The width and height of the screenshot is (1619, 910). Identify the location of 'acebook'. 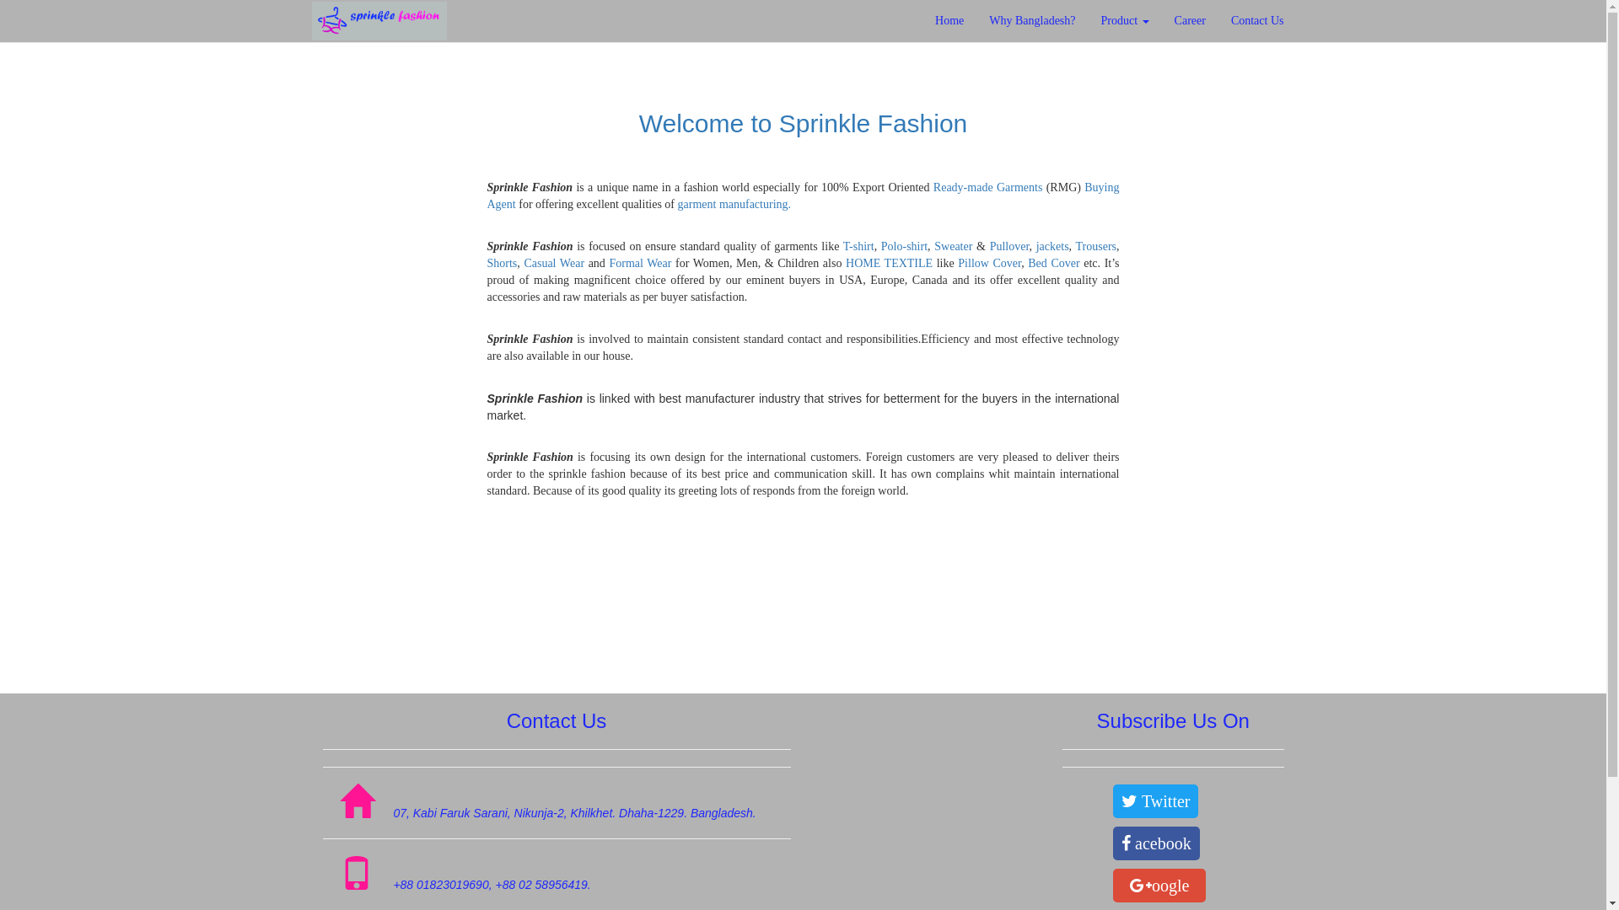
(1155, 843).